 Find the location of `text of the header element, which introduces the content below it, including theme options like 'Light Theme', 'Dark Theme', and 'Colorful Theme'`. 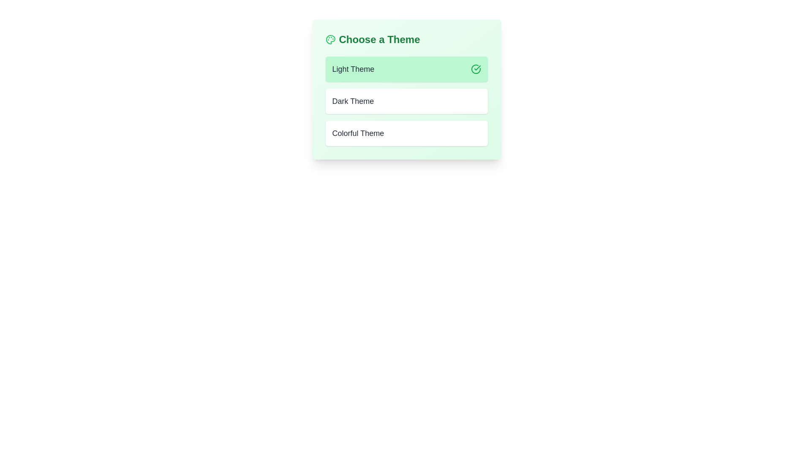

text of the header element, which introduces the content below it, including theme options like 'Light Theme', 'Dark Theme', and 'Colorful Theme' is located at coordinates (406, 39).